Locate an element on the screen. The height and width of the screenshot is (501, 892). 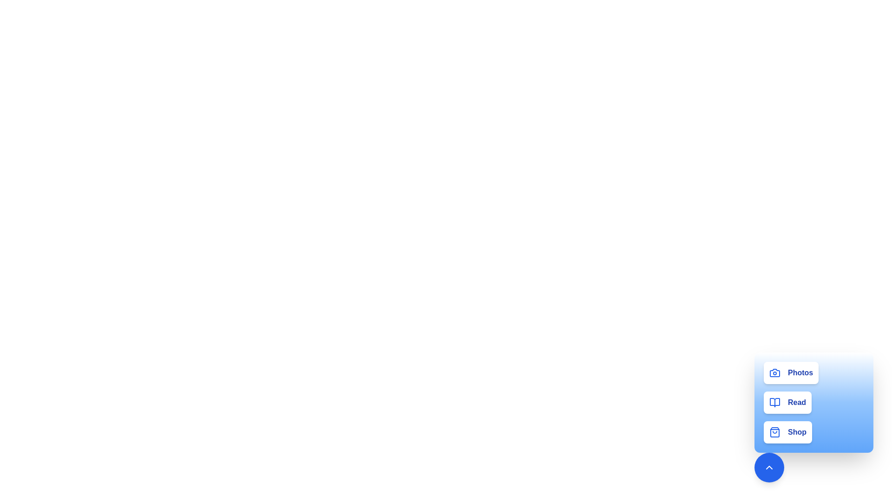
the button corresponding to the activity 'Read' is located at coordinates (787, 402).